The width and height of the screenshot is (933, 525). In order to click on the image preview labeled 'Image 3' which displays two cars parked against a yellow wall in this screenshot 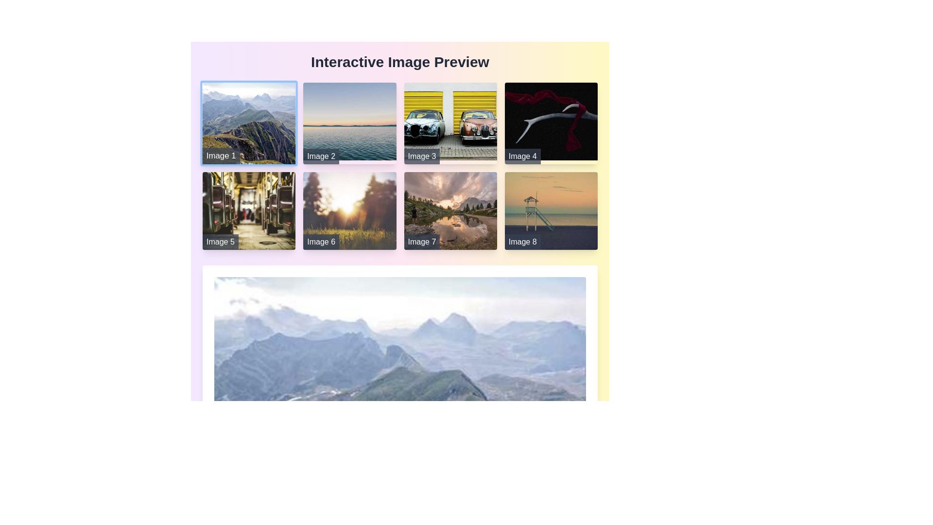, I will do `click(450, 123)`.